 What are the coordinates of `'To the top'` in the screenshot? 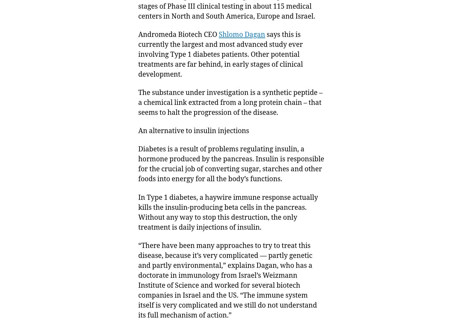 It's located at (404, 305).